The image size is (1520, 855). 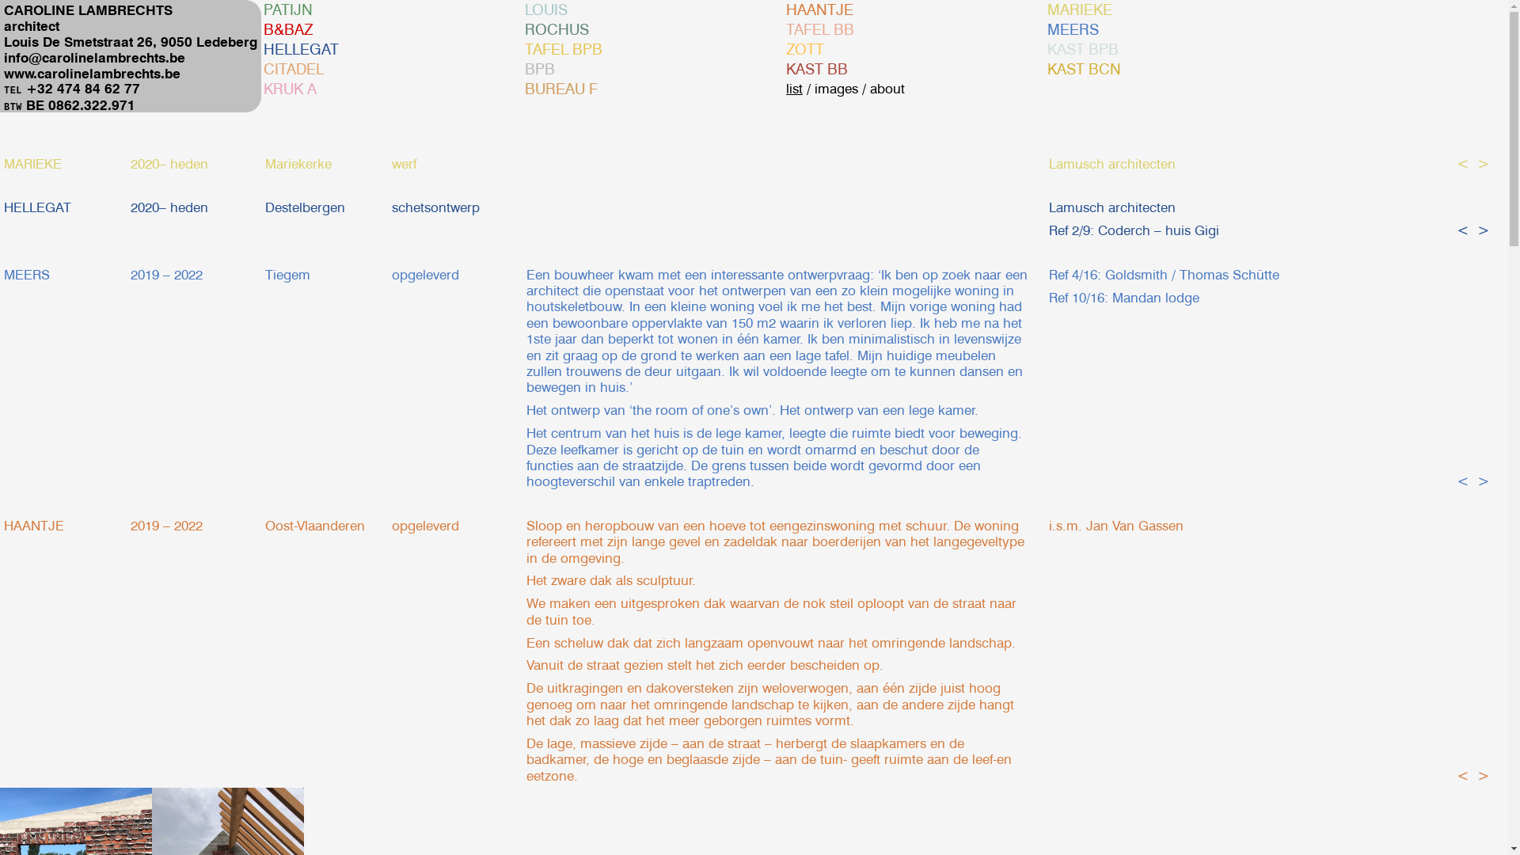 What do you see at coordinates (794, 88) in the screenshot?
I see `'list'` at bounding box center [794, 88].